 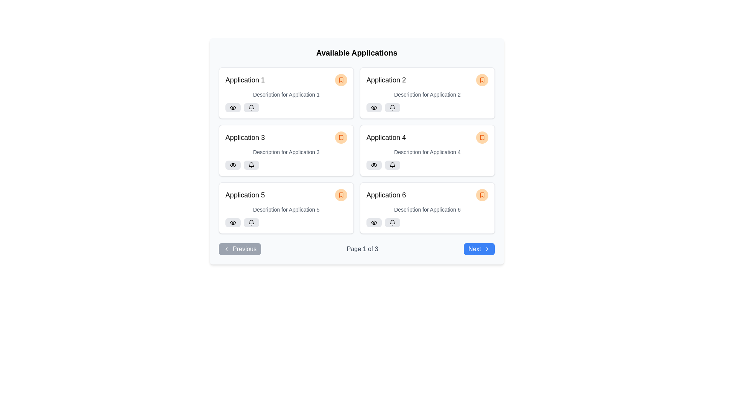 What do you see at coordinates (392, 108) in the screenshot?
I see `the notification toggle button located at the bottom of the 'Application 2' card, positioned between the eye icon button and the bookmark icon button` at bounding box center [392, 108].